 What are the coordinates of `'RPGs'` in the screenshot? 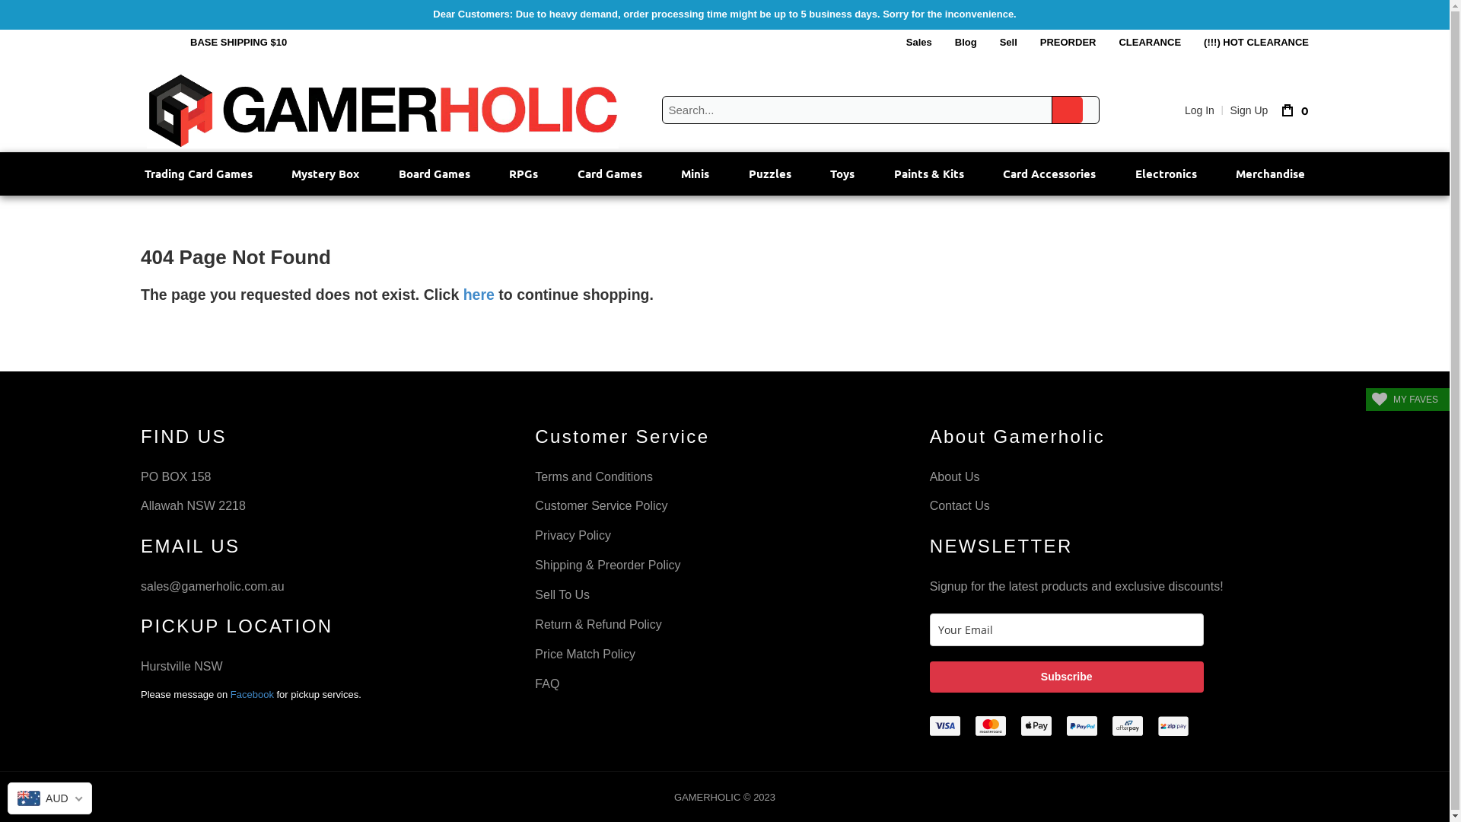 It's located at (523, 173).